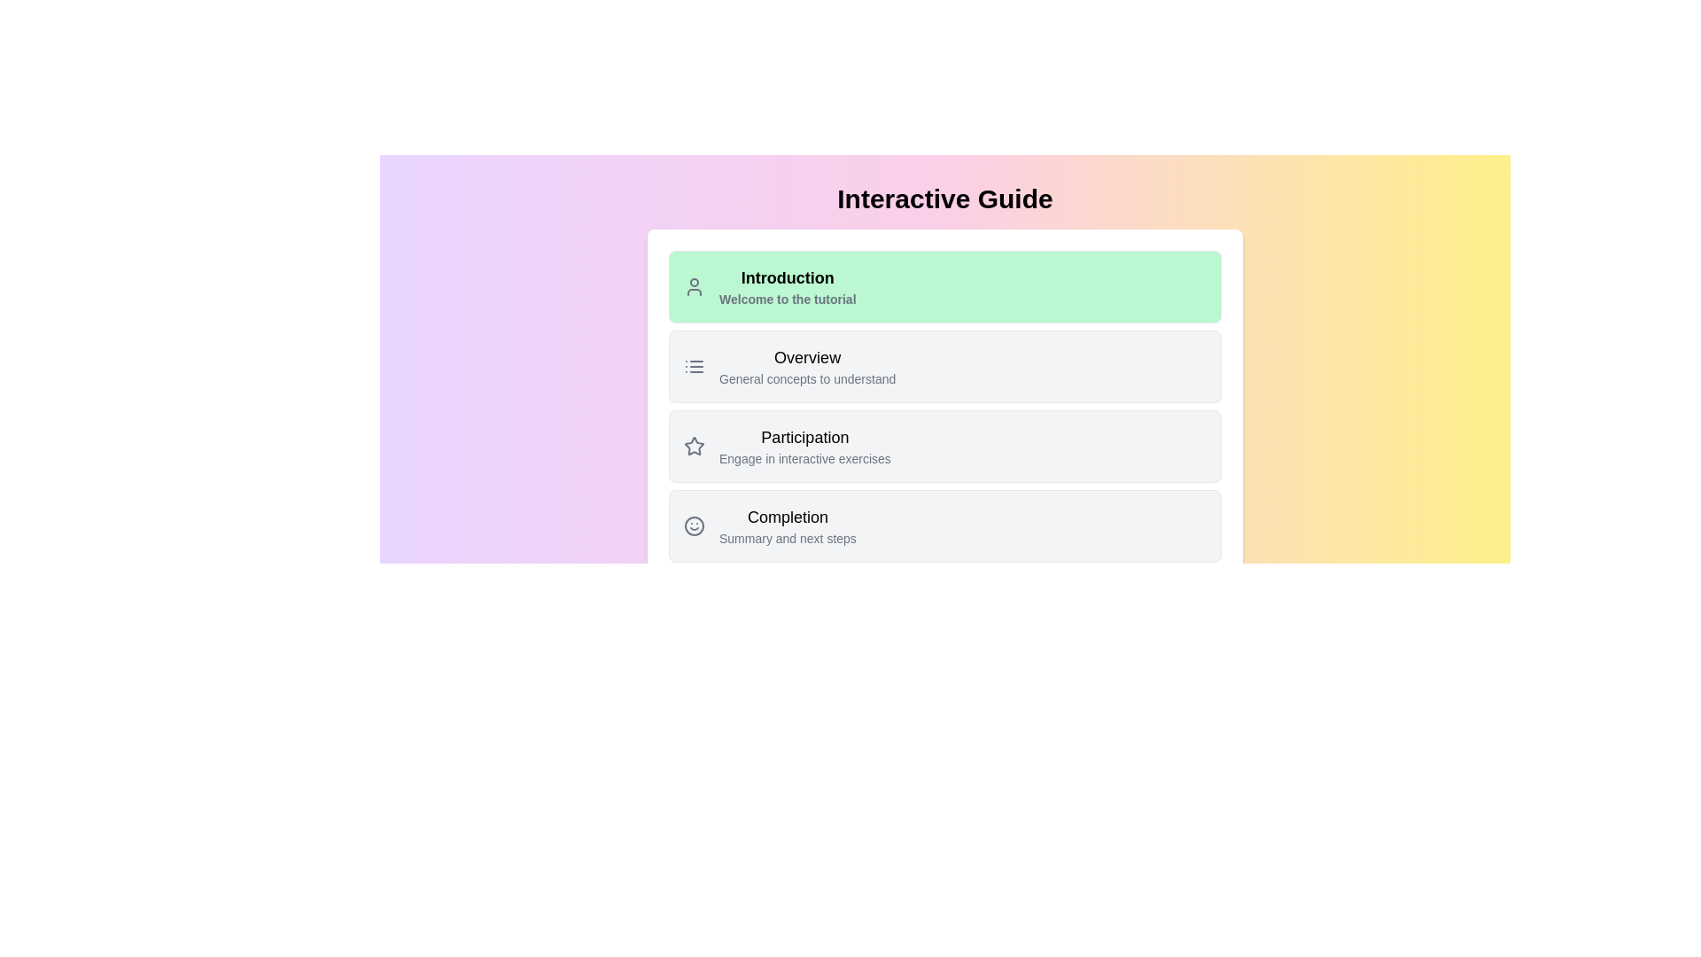 The width and height of the screenshot is (1701, 957). I want to click on the 'Overview' label element, which serves as a navigation entry with a title and description, located in the second row of the list between 'Introduction' and 'Participation', so click(806, 365).